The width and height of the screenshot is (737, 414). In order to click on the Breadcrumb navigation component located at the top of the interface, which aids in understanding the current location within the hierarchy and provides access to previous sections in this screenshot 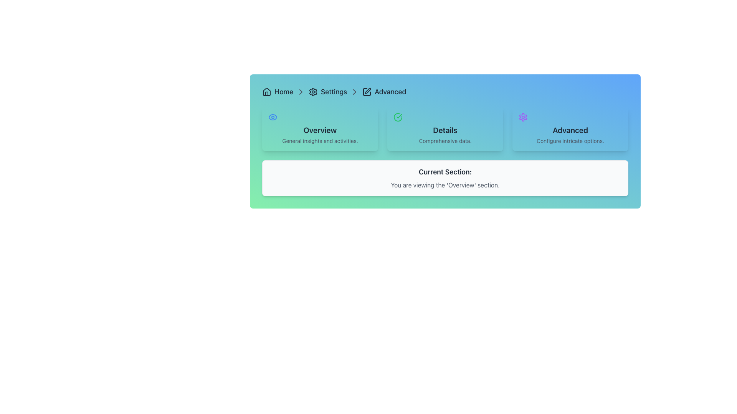, I will do `click(445, 91)`.